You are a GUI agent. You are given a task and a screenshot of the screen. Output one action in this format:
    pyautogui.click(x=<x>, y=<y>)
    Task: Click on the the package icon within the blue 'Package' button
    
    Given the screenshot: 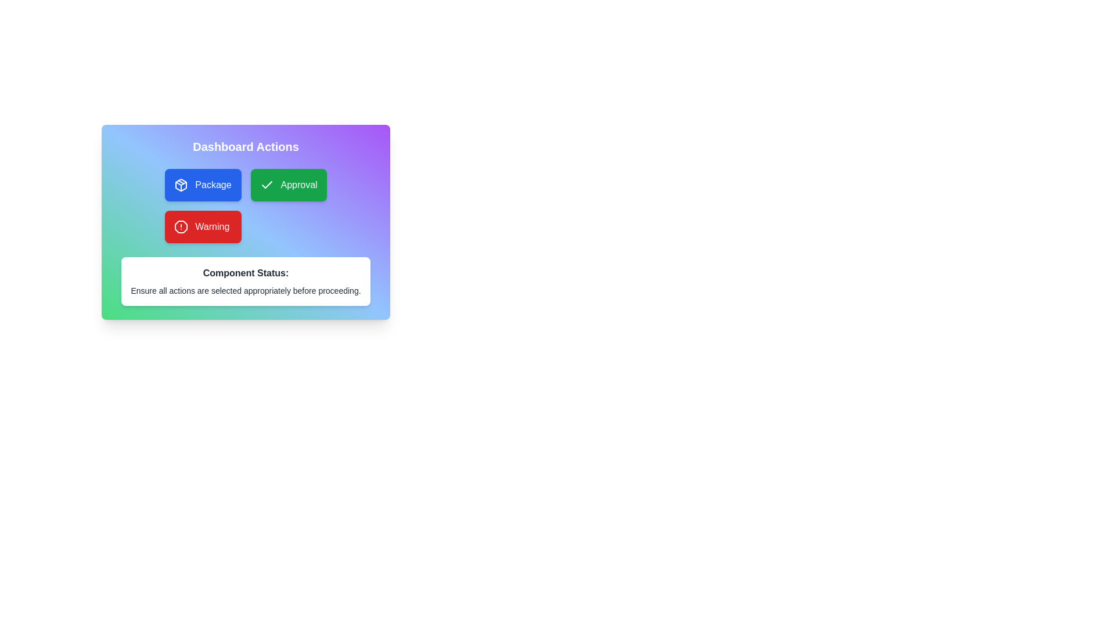 What is the action you would take?
    pyautogui.click(x=181, y=185)
    